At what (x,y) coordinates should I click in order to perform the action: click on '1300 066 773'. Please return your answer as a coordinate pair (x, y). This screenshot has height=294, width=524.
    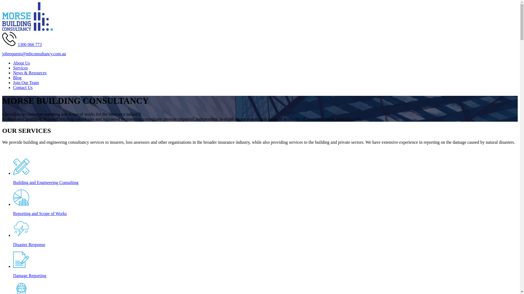
    Looking at the image, I should click on (29, 44).